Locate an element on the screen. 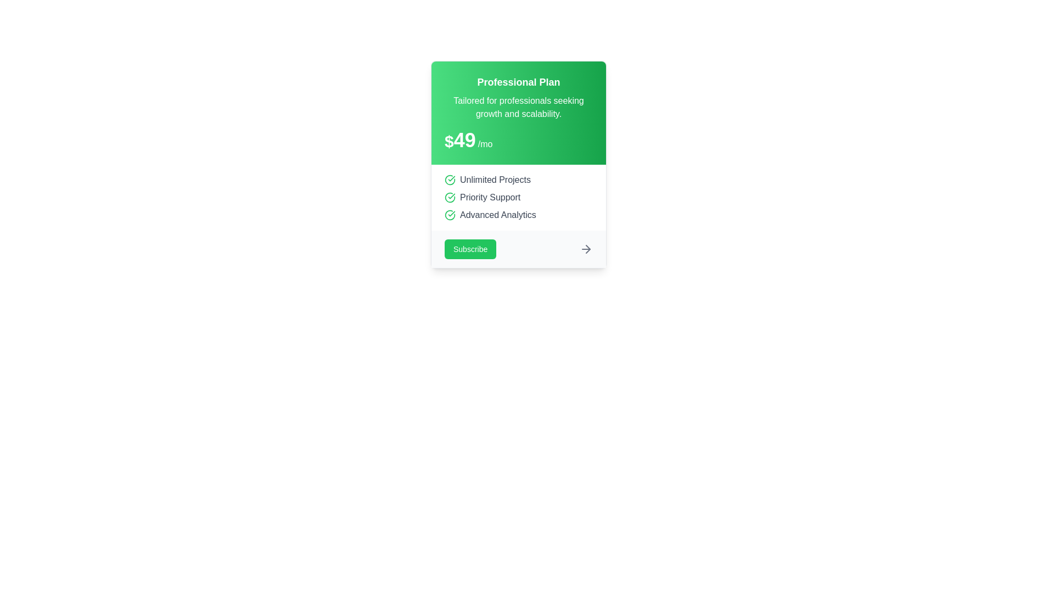 This screenshot has width=1054, height=593. the circular green icon with a checkmark that indicates success, located to the left of the text 'Unlimited Projects' in the Professional Plan card is located at coordinates (450, 179).